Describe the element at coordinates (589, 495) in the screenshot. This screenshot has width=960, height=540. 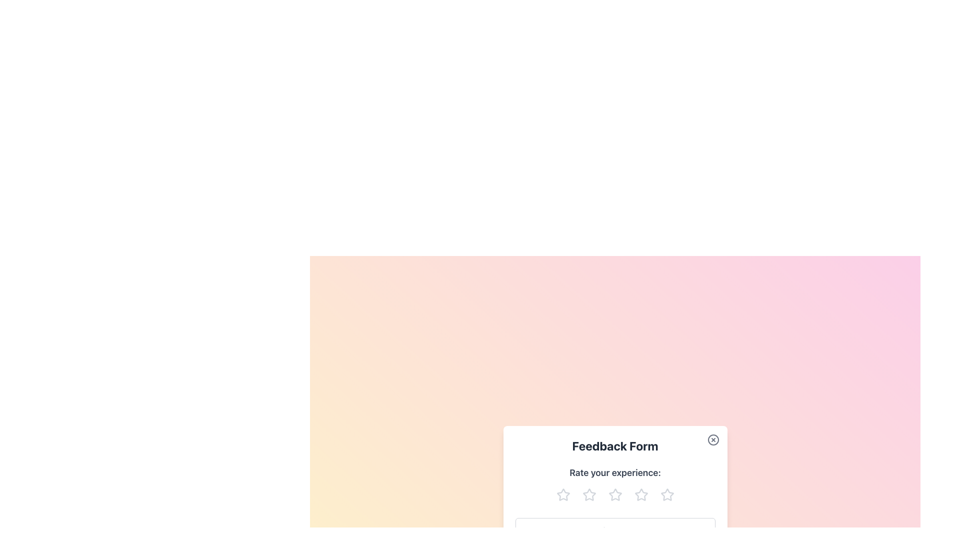
I see `the second star icon in the rating system` at that location.